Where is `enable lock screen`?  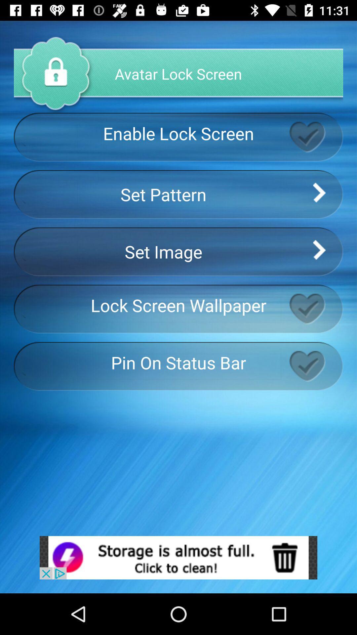 enable lock screen is located at coordinates (316, 137).